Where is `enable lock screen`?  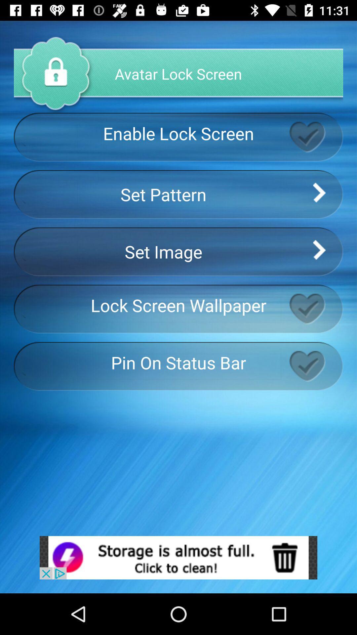 enable lock screen is located at coordinates (316, 137).